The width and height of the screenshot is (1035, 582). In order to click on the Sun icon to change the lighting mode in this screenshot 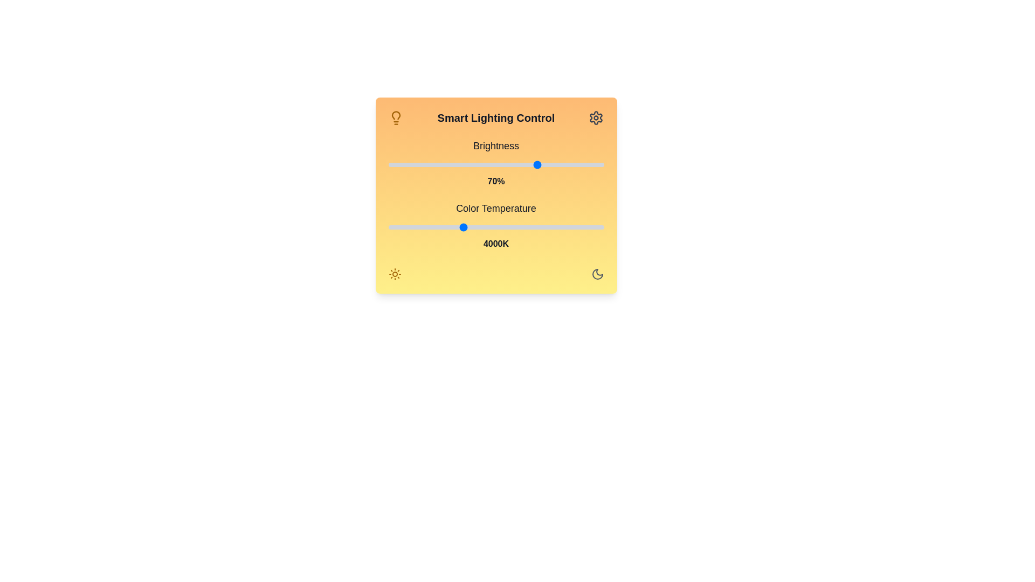, I will do `click(394, 274)`.